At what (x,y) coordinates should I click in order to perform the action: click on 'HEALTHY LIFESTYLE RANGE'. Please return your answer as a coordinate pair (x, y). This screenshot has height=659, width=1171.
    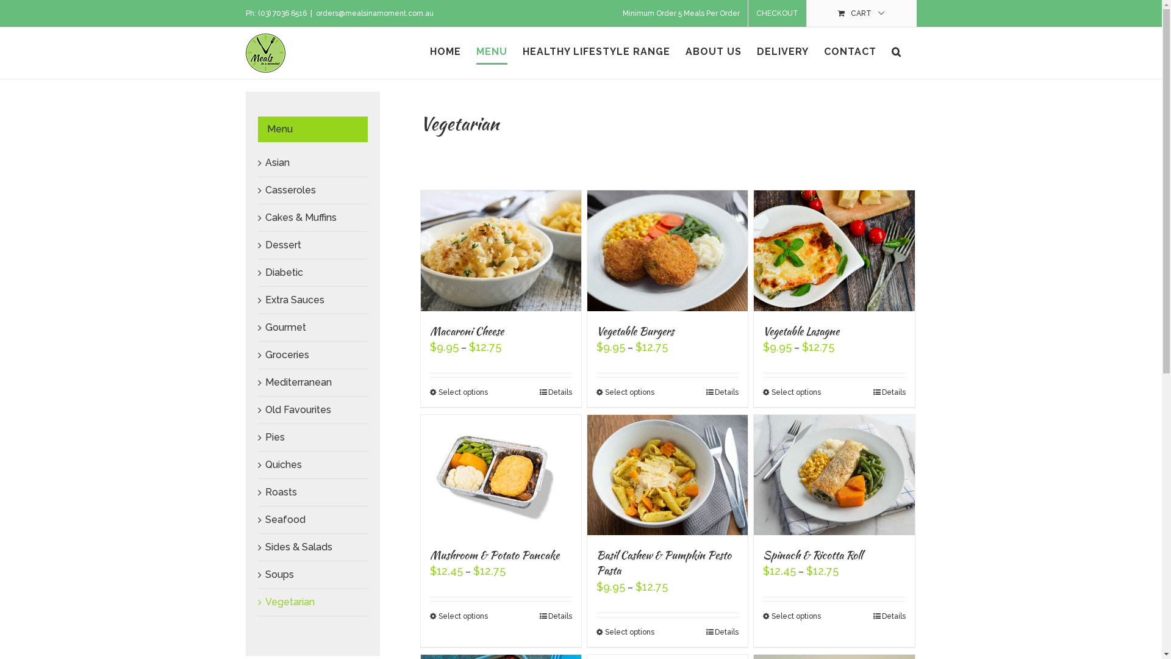
    Looking at the image, I should click on (596, 51).